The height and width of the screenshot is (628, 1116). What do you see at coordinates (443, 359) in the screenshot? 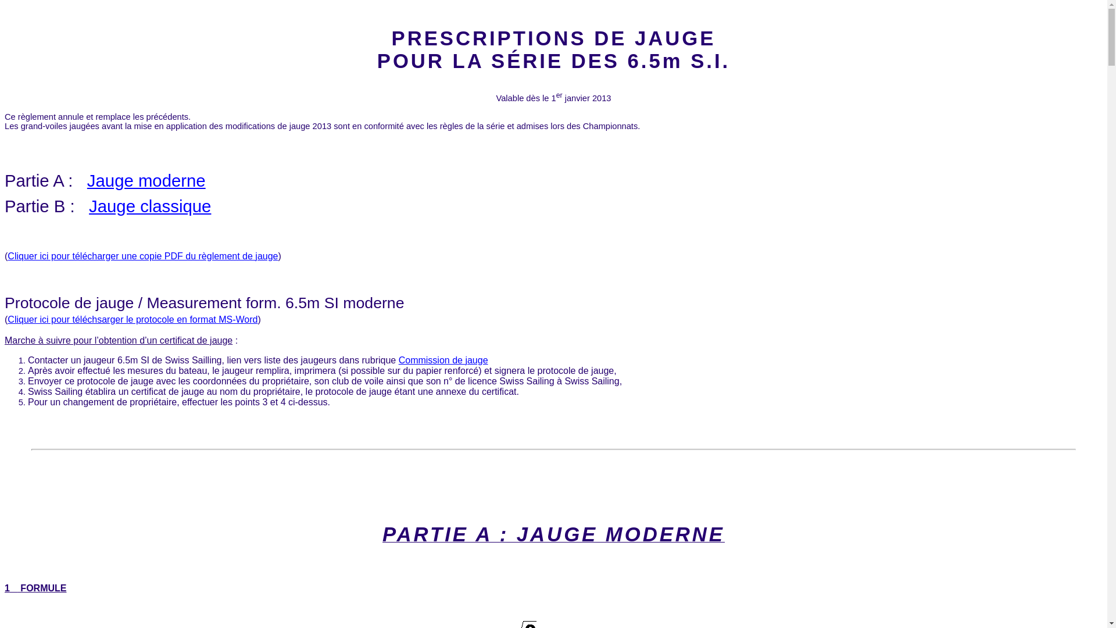
I see `'Commission de jauge'` at bounding box center [443, 359].